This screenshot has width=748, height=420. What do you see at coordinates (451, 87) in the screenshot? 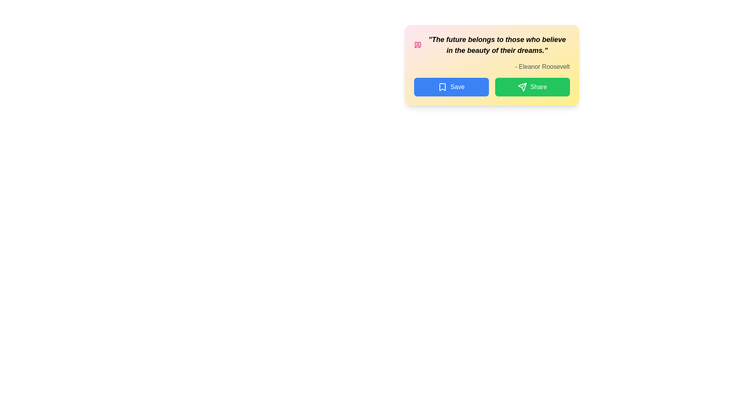
I see `the first button located within the horizontal section to the left of the green 'Share' button, which saves the associated content for later reference or use` at bounding box center [451, 87].